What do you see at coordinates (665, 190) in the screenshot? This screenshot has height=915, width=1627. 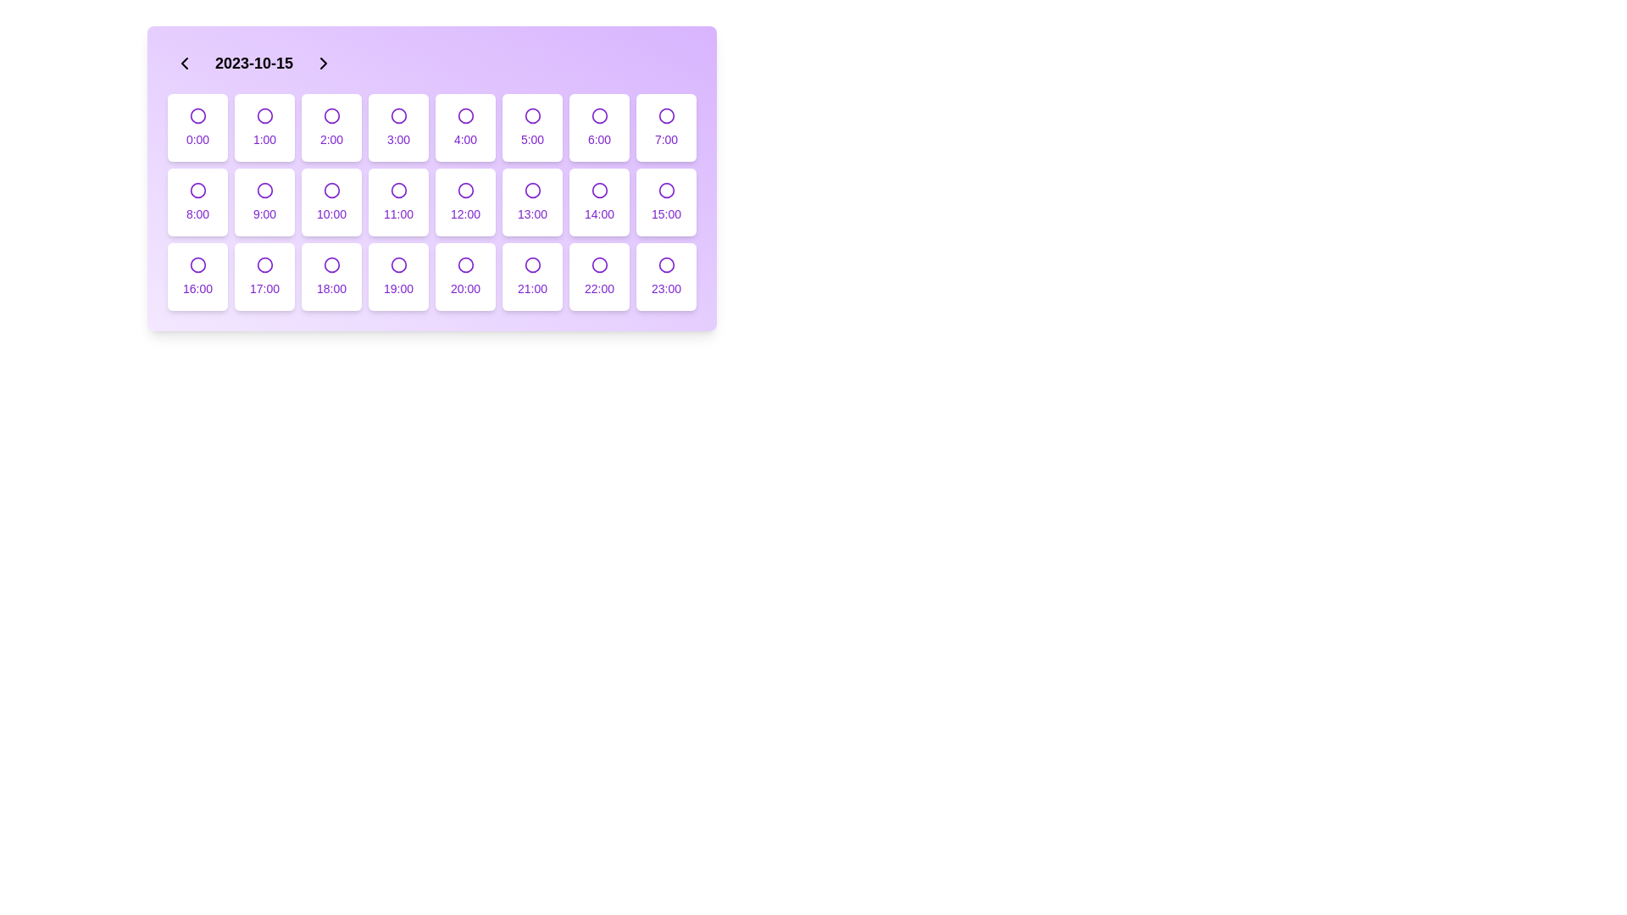 I see `the circular button with a purple stroke representing the time slot '15:00' in the grid layout` at bounding box center [665, 190].